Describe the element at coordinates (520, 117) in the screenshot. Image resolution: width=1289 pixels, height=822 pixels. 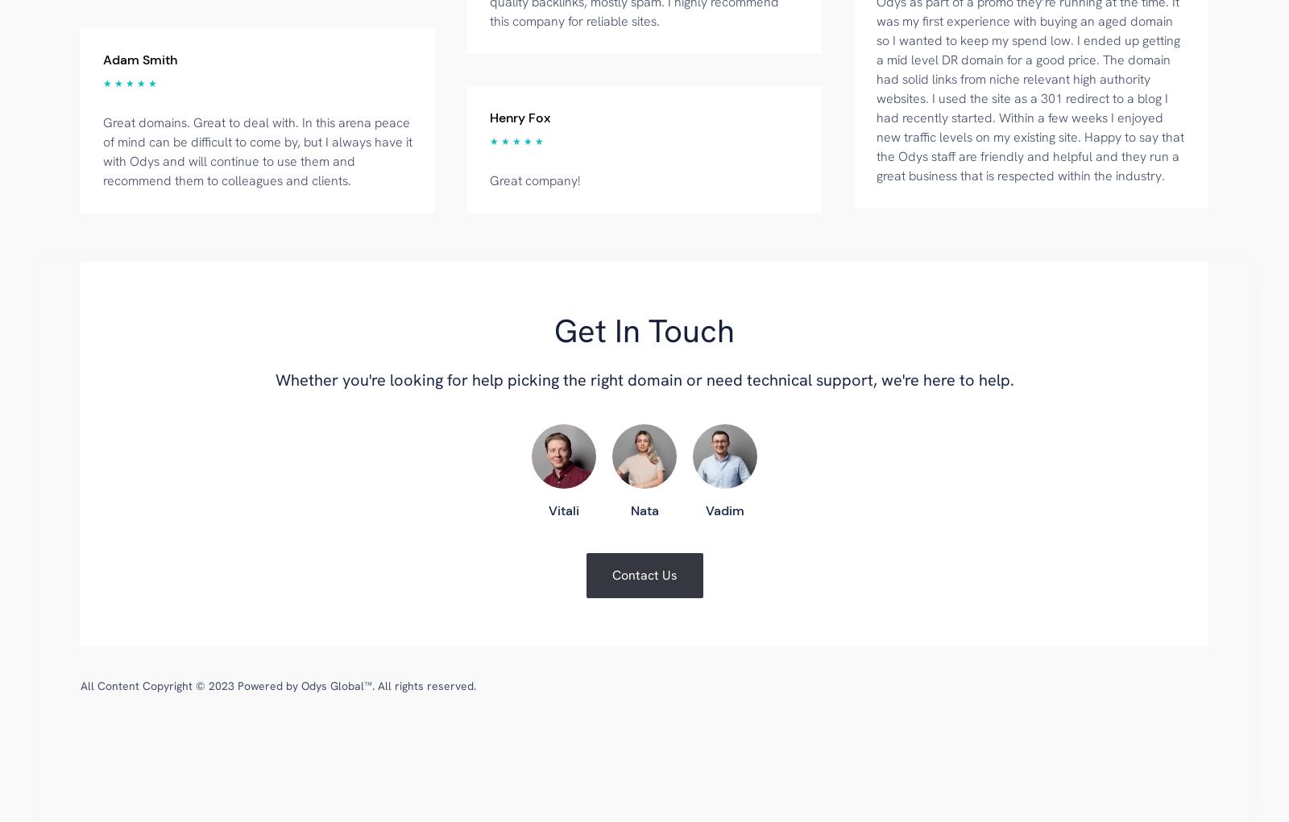
I see `'Henry Fox'` at that location.